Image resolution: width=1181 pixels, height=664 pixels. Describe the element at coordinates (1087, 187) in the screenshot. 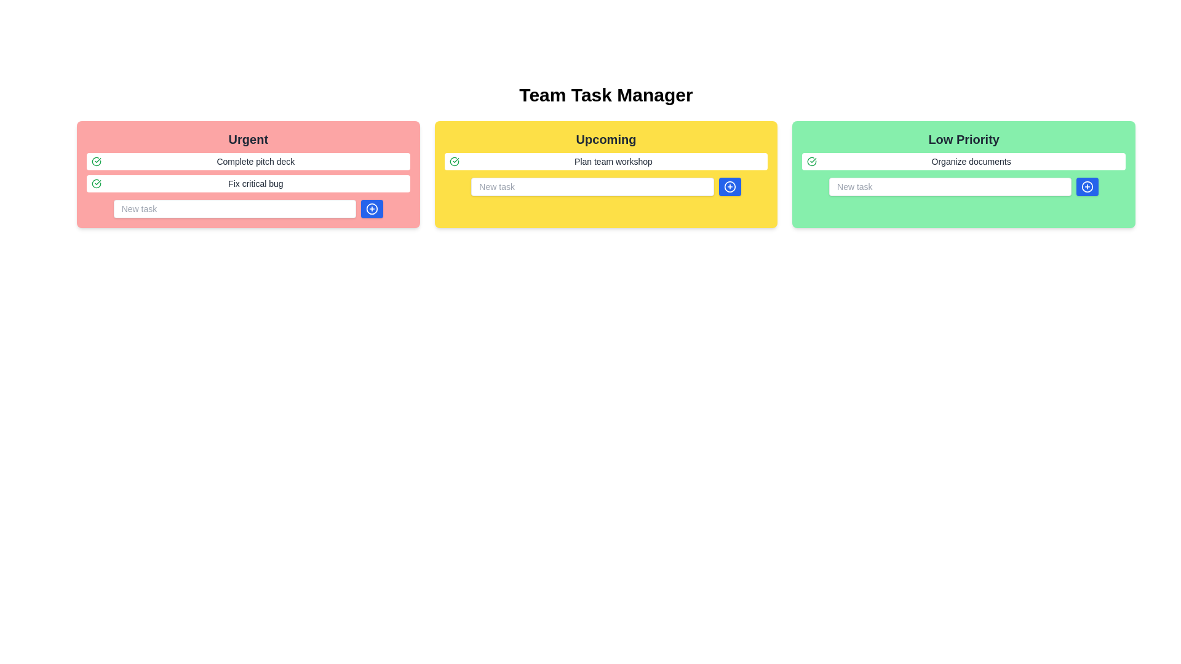

I see `the Circle icon within the button located in the rightmost green panel labeled 'Low Priority'` at that location.